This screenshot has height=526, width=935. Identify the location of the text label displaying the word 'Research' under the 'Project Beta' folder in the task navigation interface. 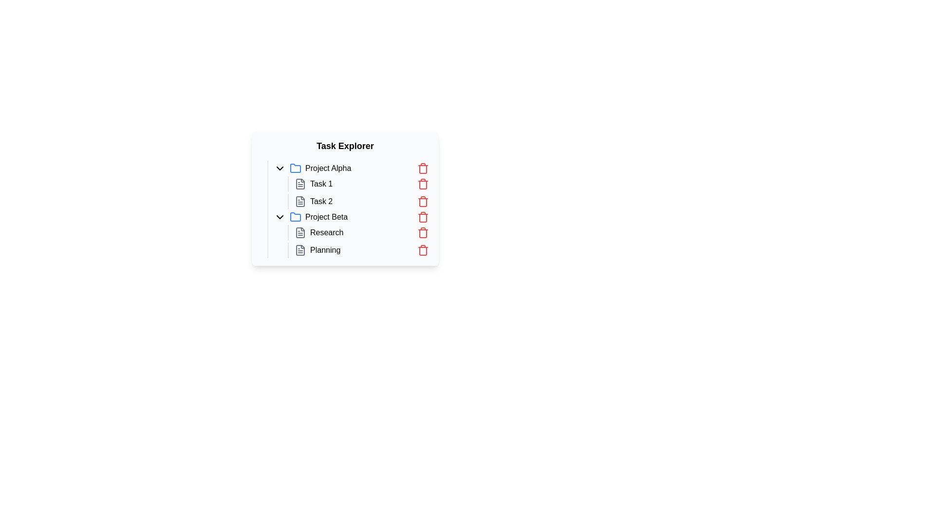
(327, 233).